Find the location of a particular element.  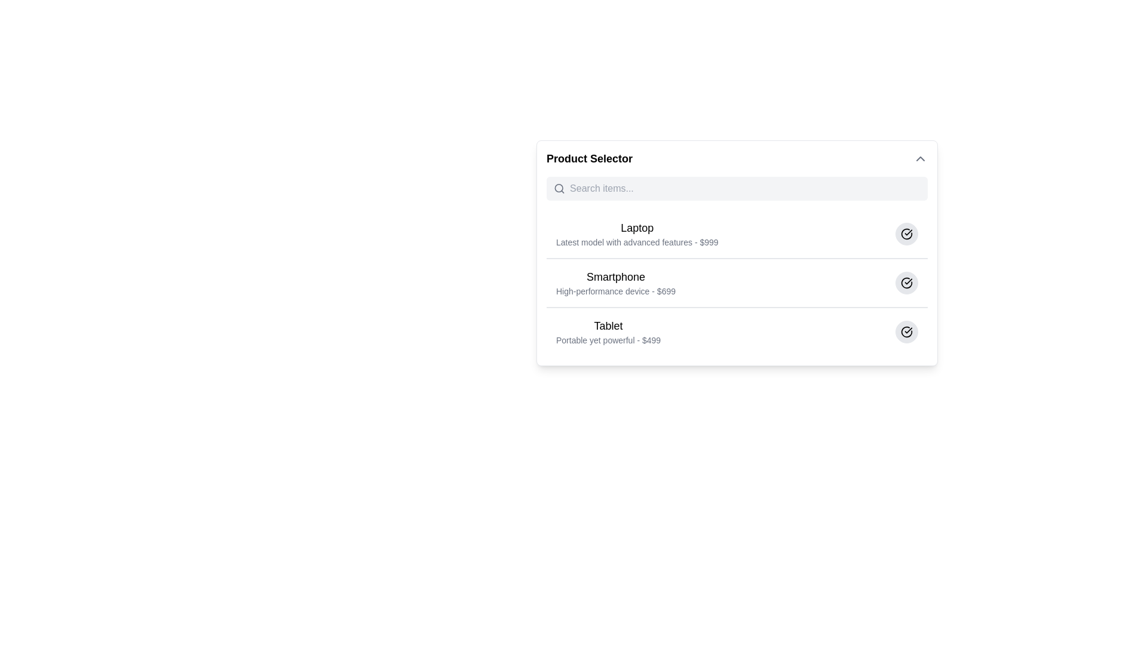

the product description label located beneath the main text 'Smartphone' in the product details section is located at coordinates (616, 291).